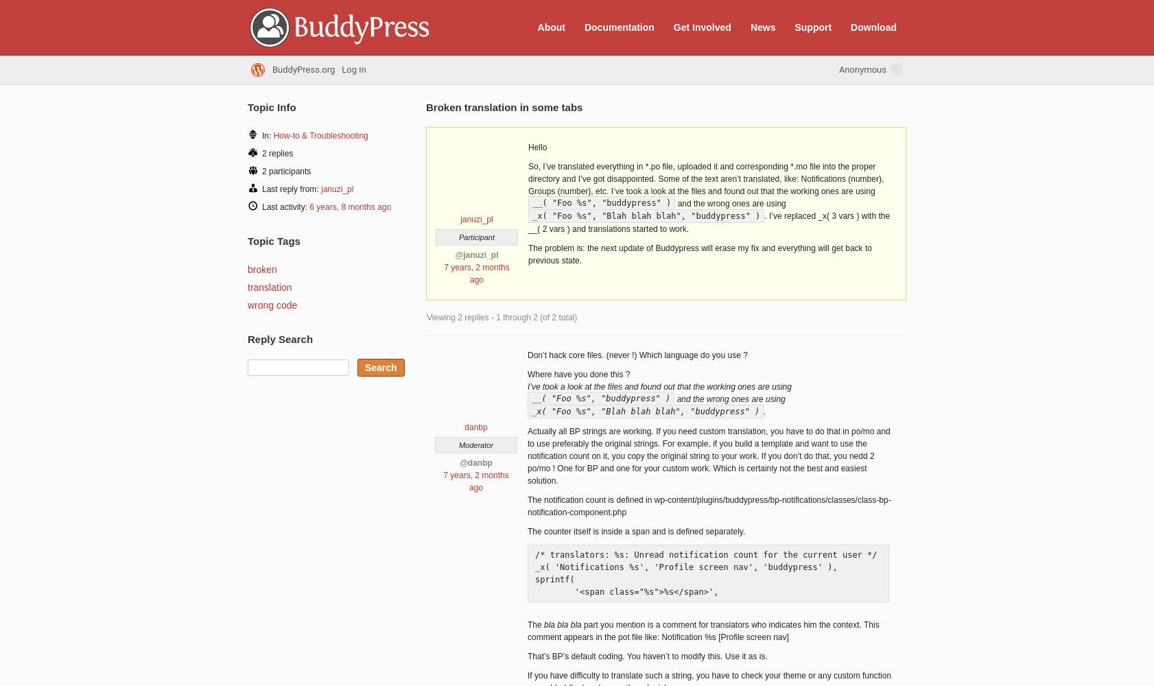 This screenshot has width=1154, height=686. Describe the element at coordinates (705, 572) in the screenshot. I see `'/* translators: %s: Unread notification count for the current user */
_x( 'Notifications %s', 'Profile screen nav', 'buddypress' ),
sprintf(
	'<span class="%s">%s</span>','` at that location.